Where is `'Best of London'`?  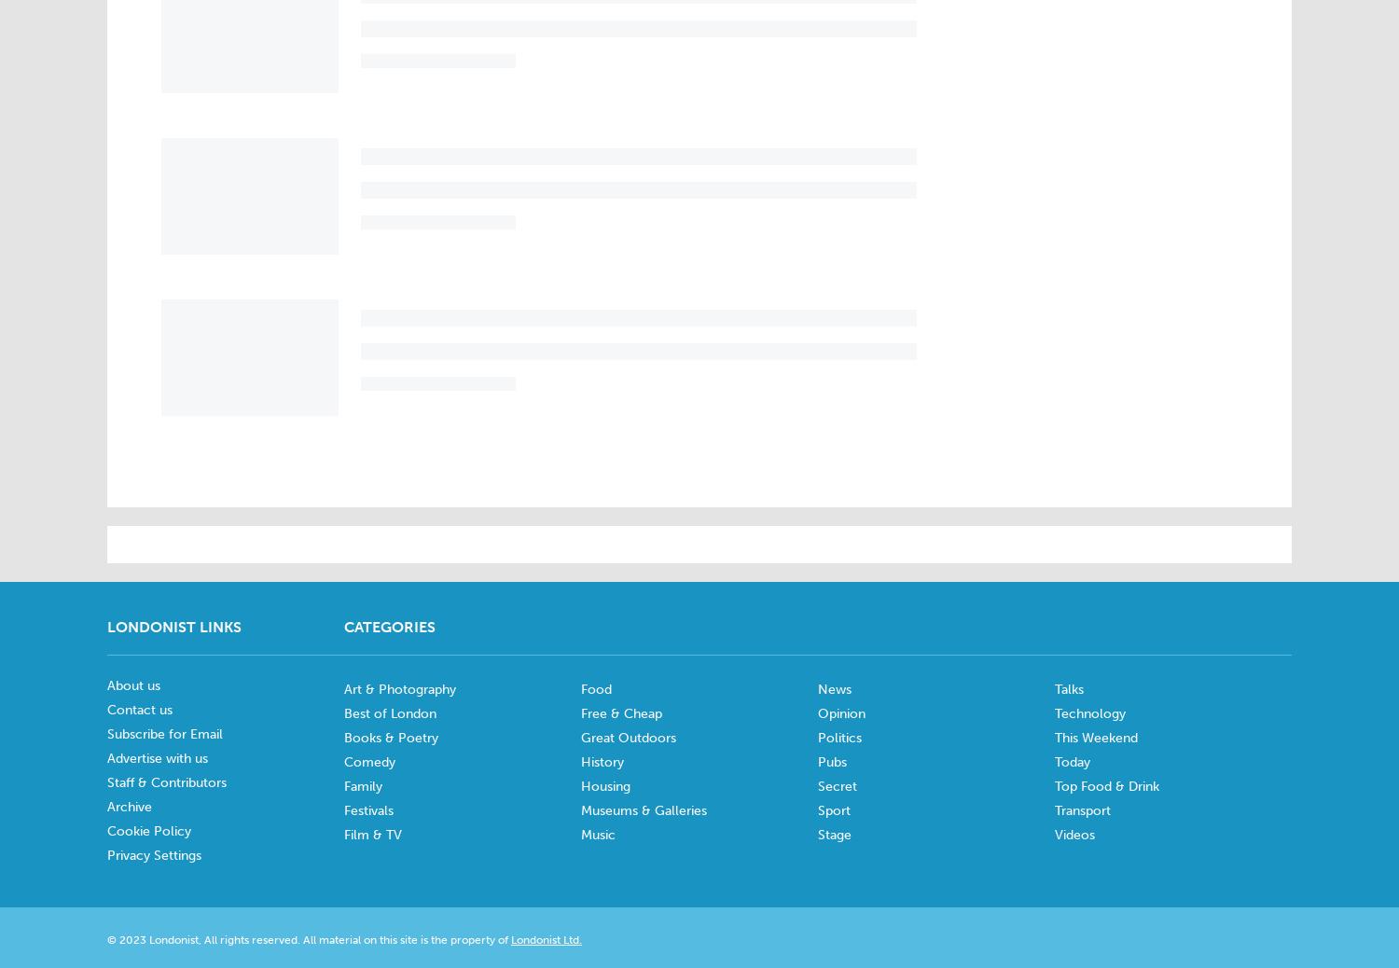
'Best of London' is located at coordinates (390, 712).